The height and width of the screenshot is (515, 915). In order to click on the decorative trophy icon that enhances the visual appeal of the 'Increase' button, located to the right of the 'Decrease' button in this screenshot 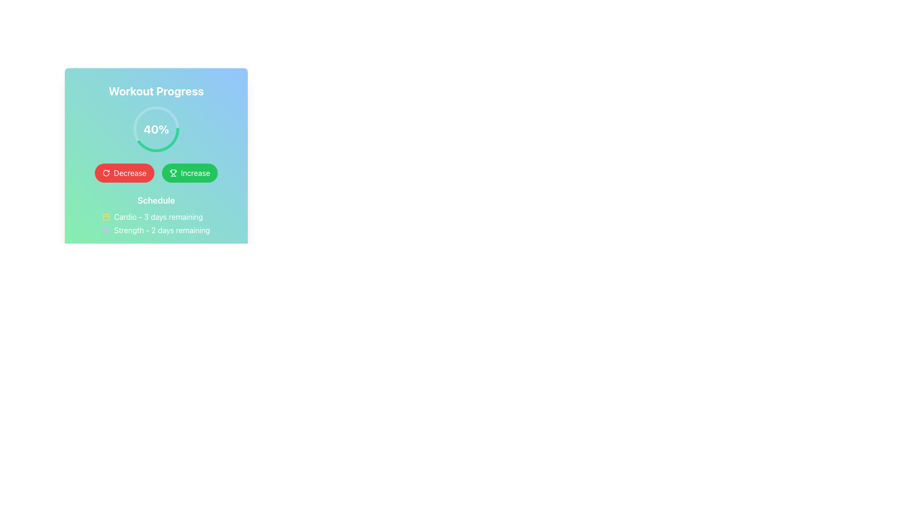, I will do `click(173, 173)`.